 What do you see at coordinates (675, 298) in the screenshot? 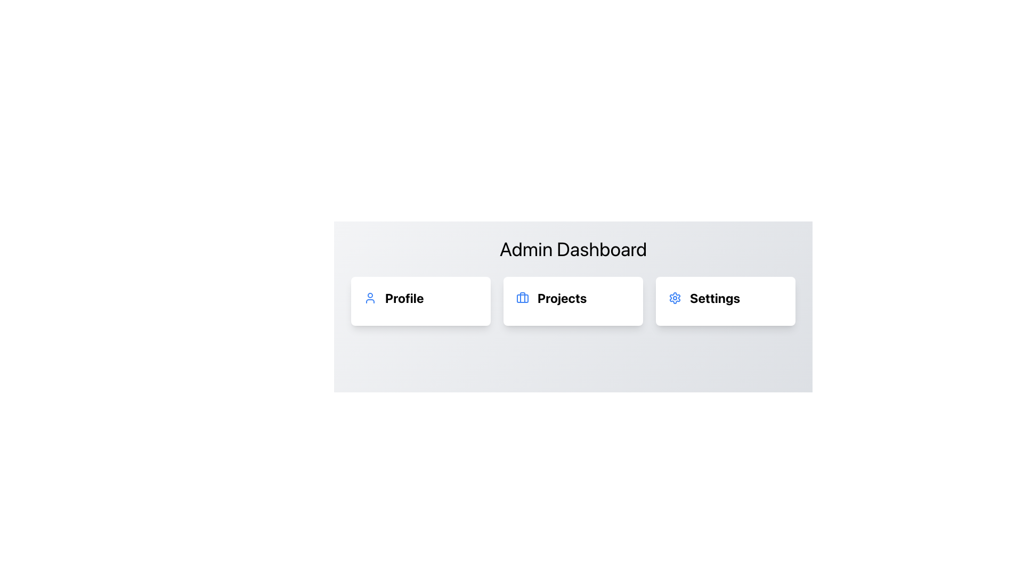
I see `the gear icon in the 'Settings' card located under the 'Admin Dashboard'` at bounding box center [675, 298].